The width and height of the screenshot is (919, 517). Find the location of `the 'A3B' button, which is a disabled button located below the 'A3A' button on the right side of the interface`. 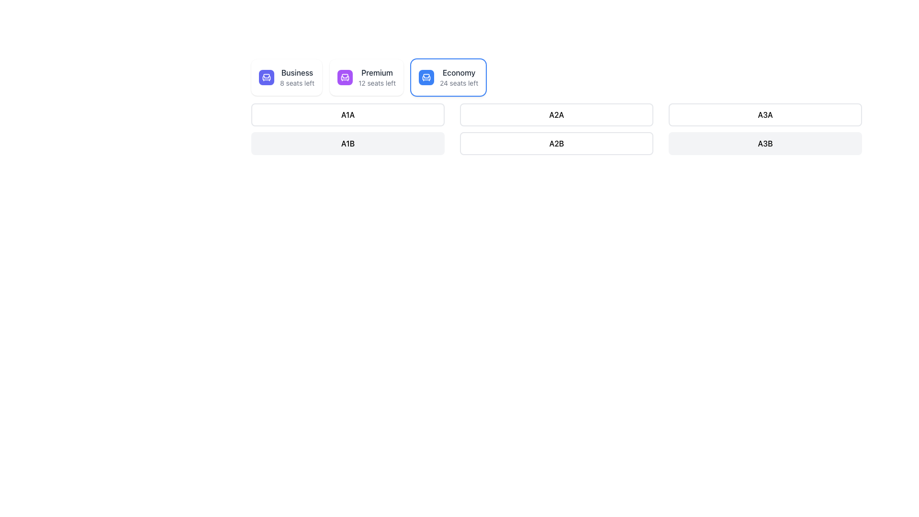

the 'A3B' button, which is a disabled button located below the 'A3A' button on the right side of the interface is located at coordinates (764, 144).